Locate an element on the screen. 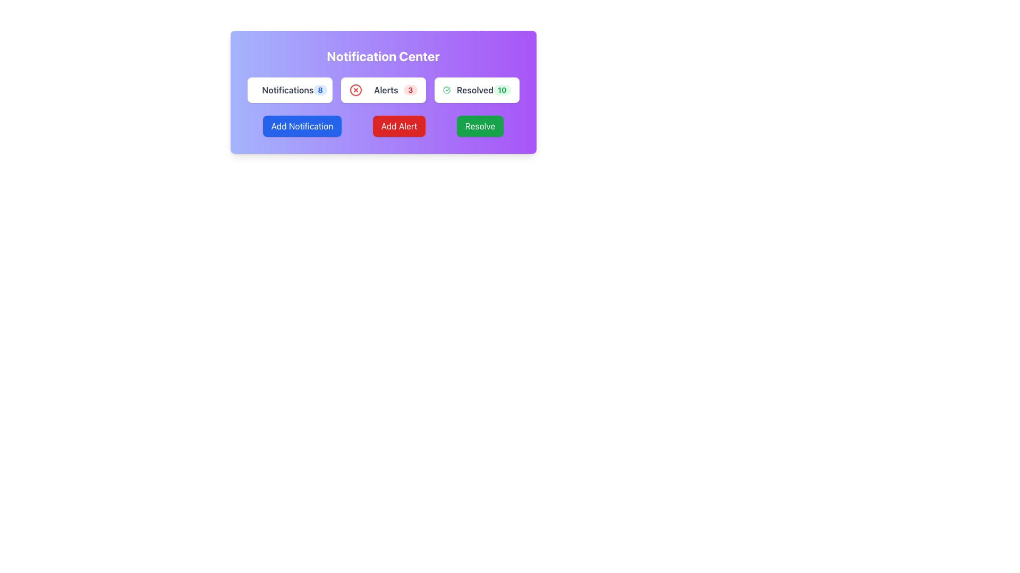  text label for the 'Notifications' group located at the center of the white background section of the 'Notifications' button-style group is located at coordinates (287, 89).